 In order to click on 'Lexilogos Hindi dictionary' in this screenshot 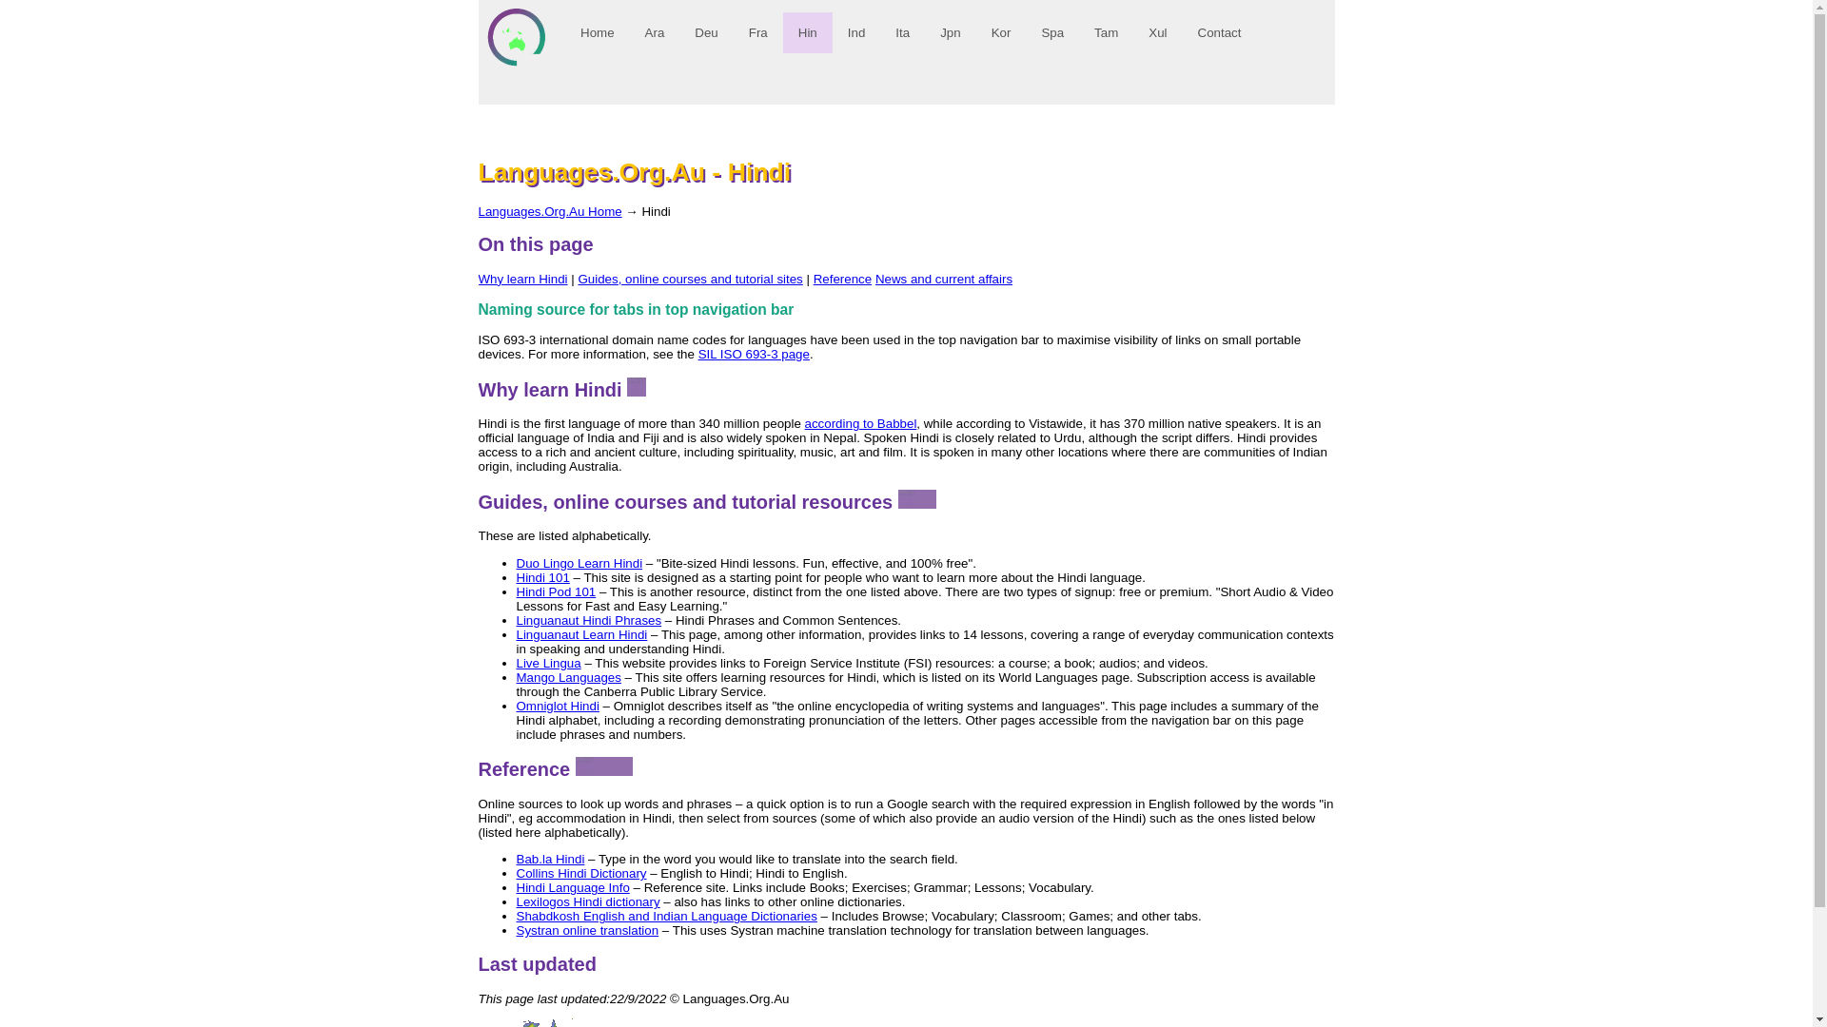, I will do `click(516, 901)`.